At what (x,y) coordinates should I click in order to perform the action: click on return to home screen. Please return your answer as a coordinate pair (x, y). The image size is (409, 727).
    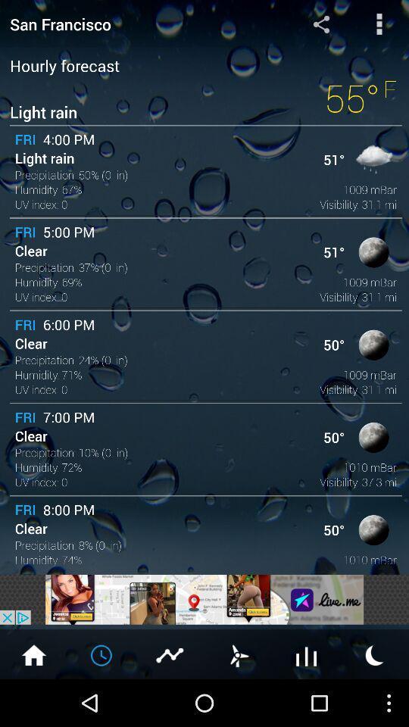
    Looking at the image, I should click on (33, 654).